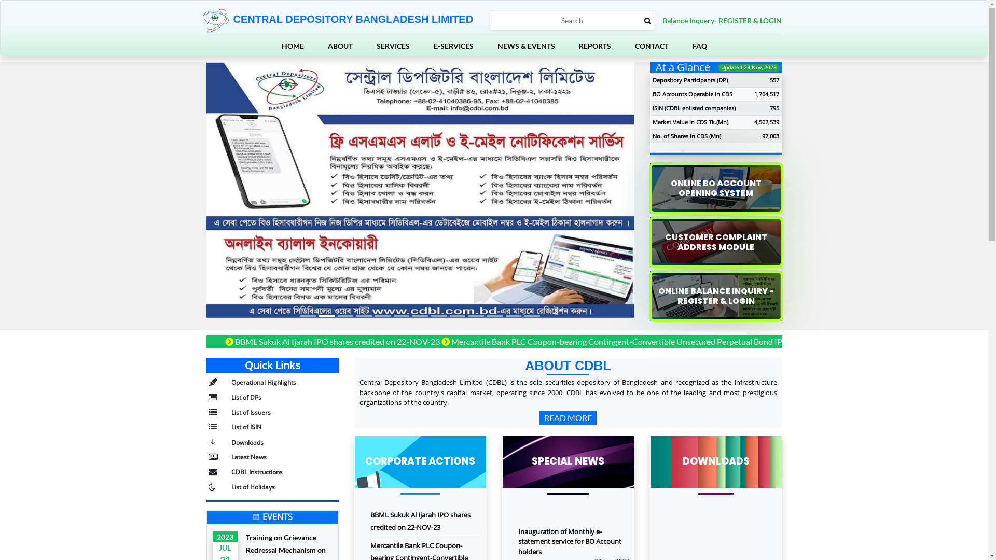  I want to click on 'List of DPs', so click(231, 397).